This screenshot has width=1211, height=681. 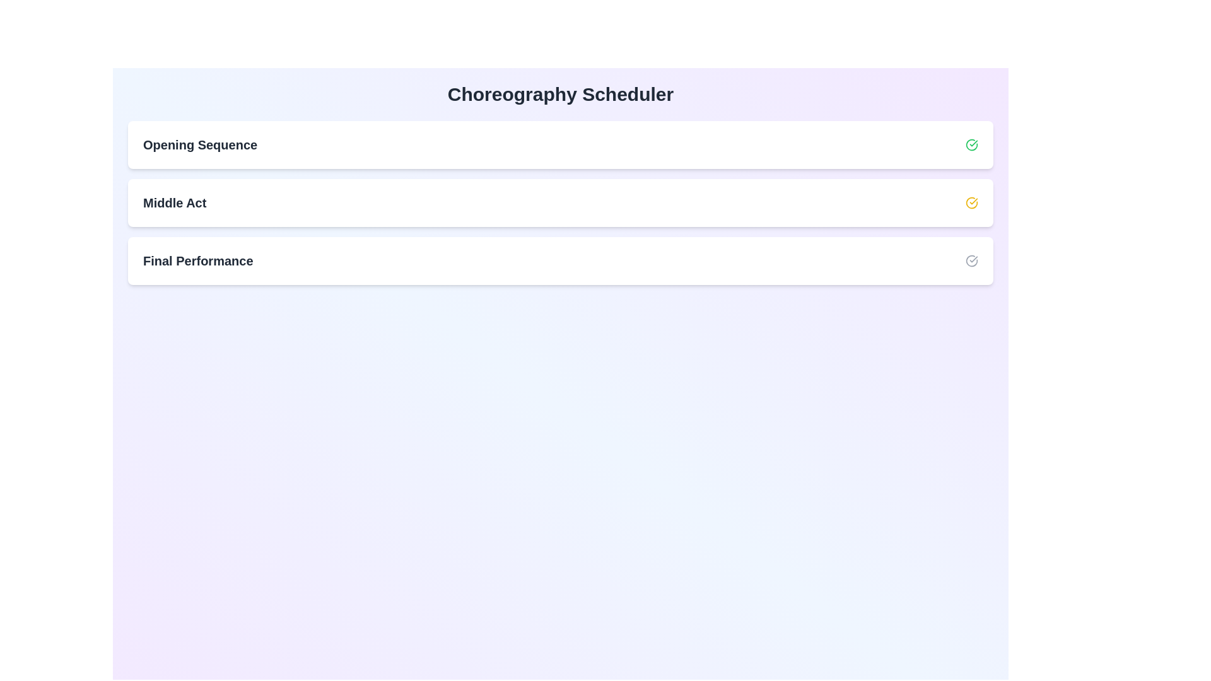 I want to click on status icon of the routine Final Performance, so click(x=971, y=260).